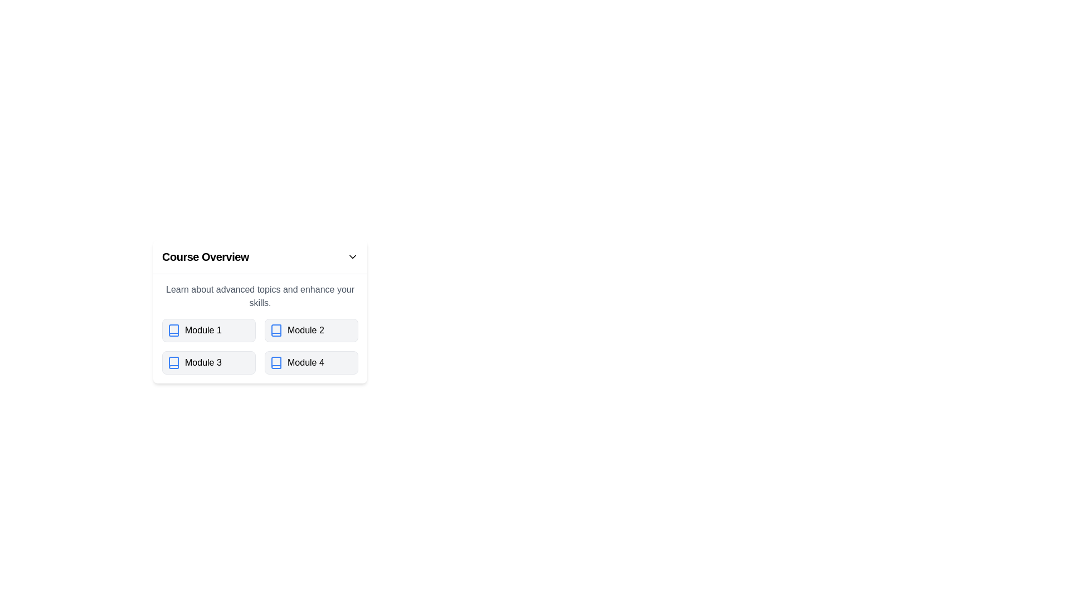 This screenshot has width=1070, height=602. I want to click on the third module button labeled 'Module 3' in the course overview interface, so click(208, 363).